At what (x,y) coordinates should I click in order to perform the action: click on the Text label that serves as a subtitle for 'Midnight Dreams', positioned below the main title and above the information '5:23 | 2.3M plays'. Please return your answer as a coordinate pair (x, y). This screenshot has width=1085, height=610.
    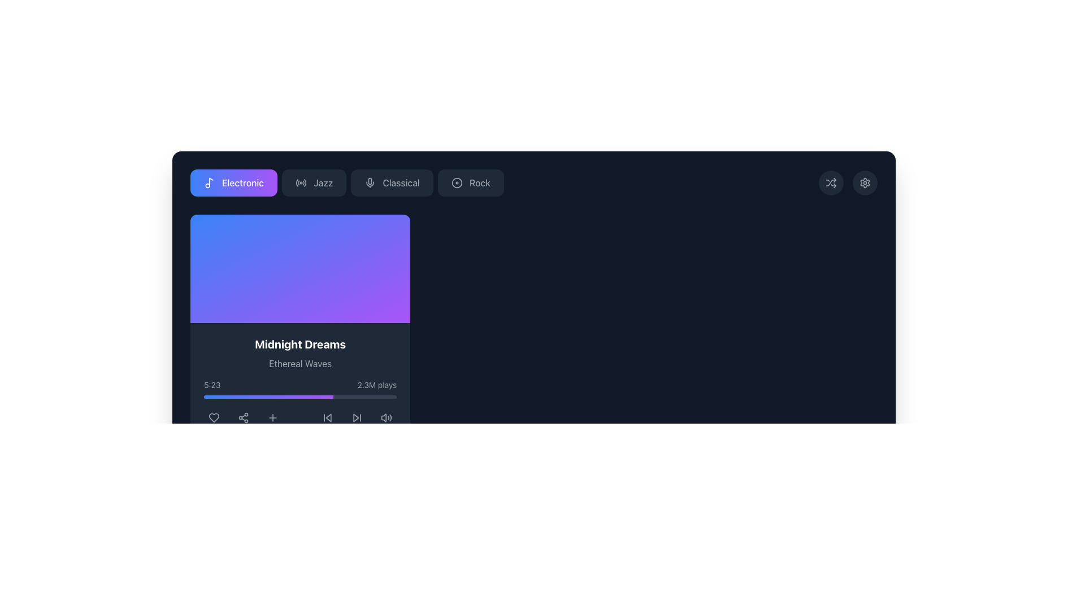
    Looking at the image, I should click on (300, 364).